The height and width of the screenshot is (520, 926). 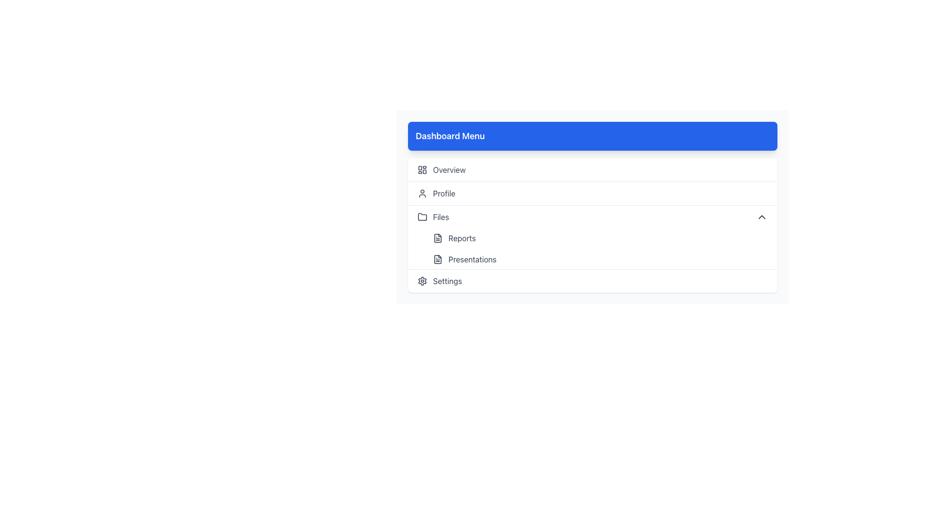 What do you see at coordinates (449, 136) in the screenshot?
I see `the header with a blue background and bold, white text that reads 'Dashboard Menu', positioned at the top-left corner of the visible menu section` at bounding box center [449, 136].